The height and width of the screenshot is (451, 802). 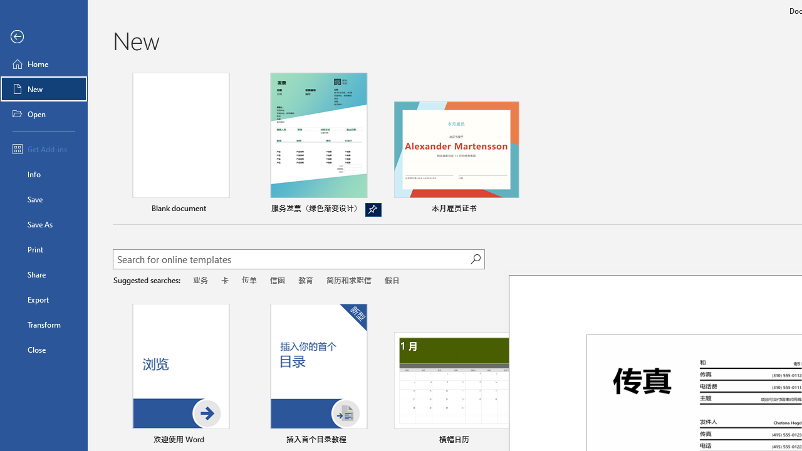 What do you see at coordinates (180, 144) in the screenshot?
I see `'Blank document'` at bounding box center [180, 144].